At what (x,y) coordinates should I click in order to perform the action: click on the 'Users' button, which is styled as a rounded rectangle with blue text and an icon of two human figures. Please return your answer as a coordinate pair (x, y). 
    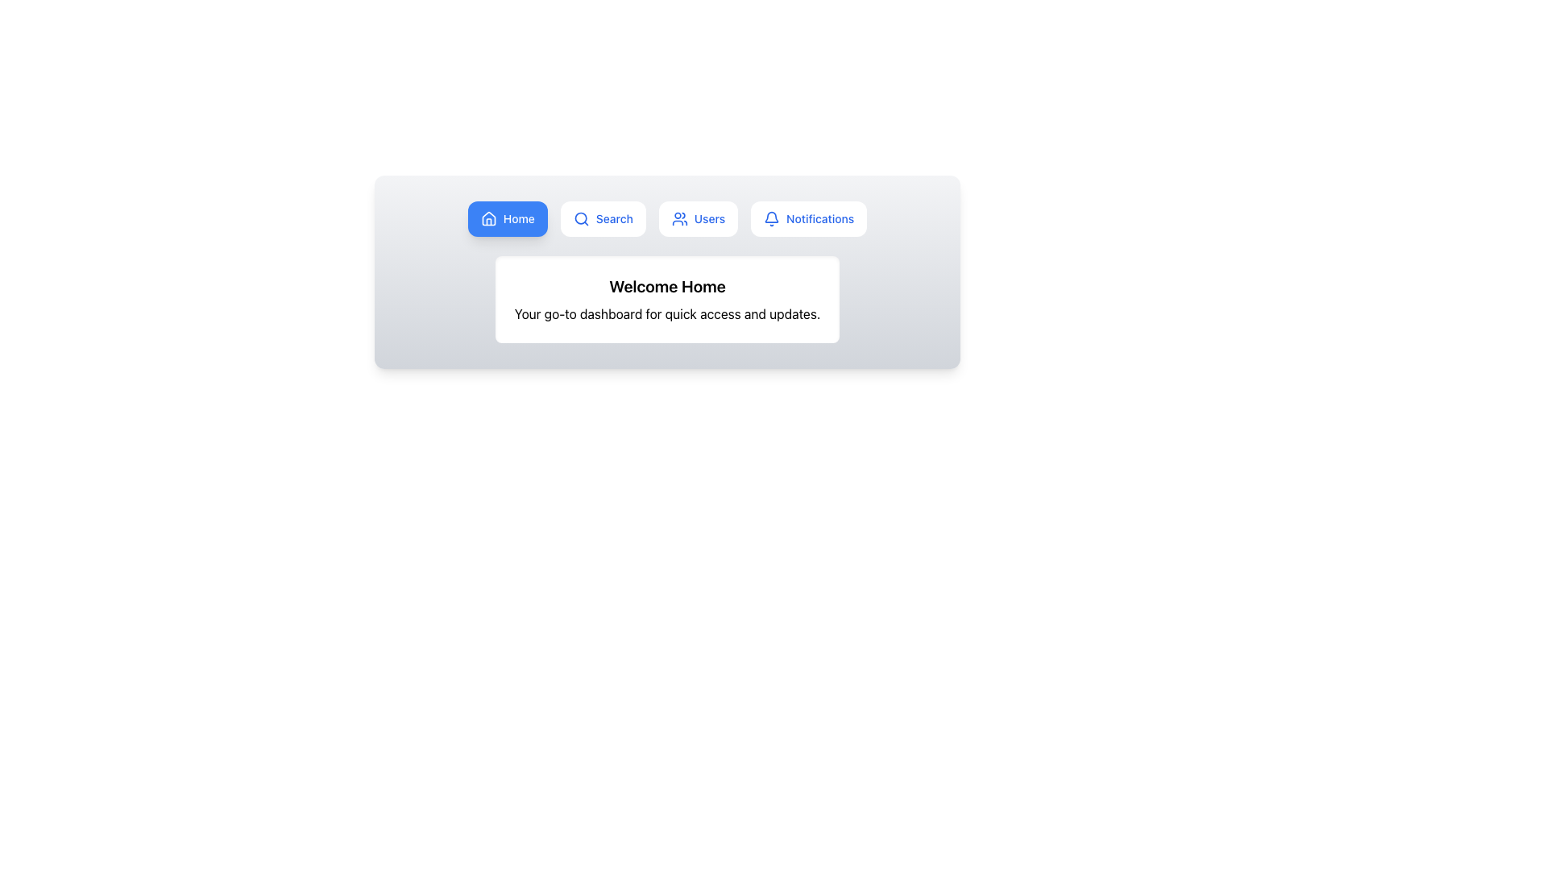
    Looking at the image, I should click on (699, 219).